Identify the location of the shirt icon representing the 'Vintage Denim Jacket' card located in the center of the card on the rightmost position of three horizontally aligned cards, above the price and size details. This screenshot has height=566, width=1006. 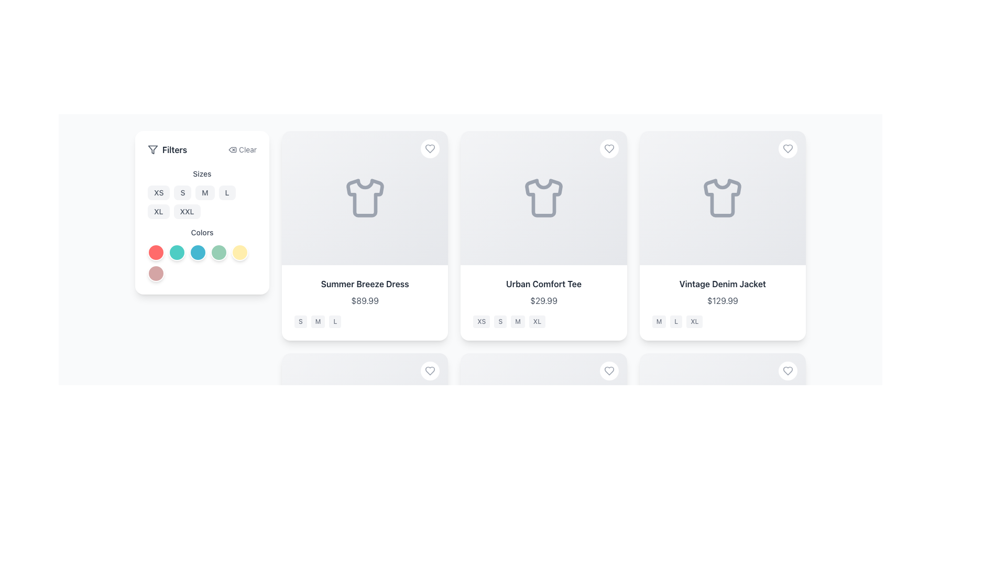
(722, 198).